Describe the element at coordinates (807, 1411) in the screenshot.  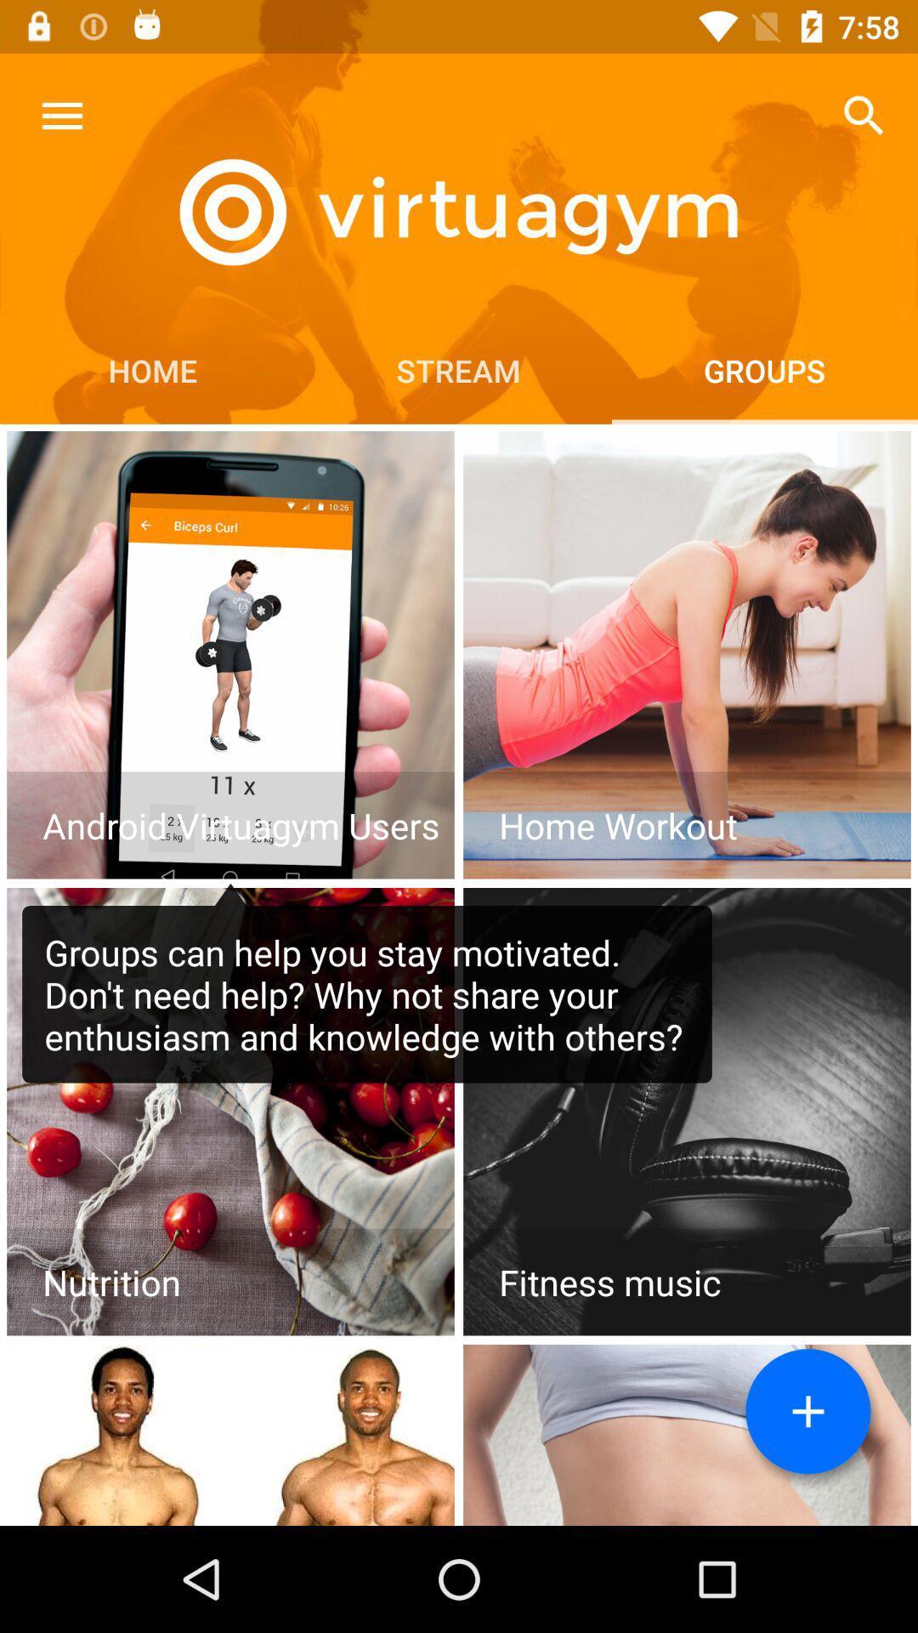
I see `the item below fitness music item` at that location.